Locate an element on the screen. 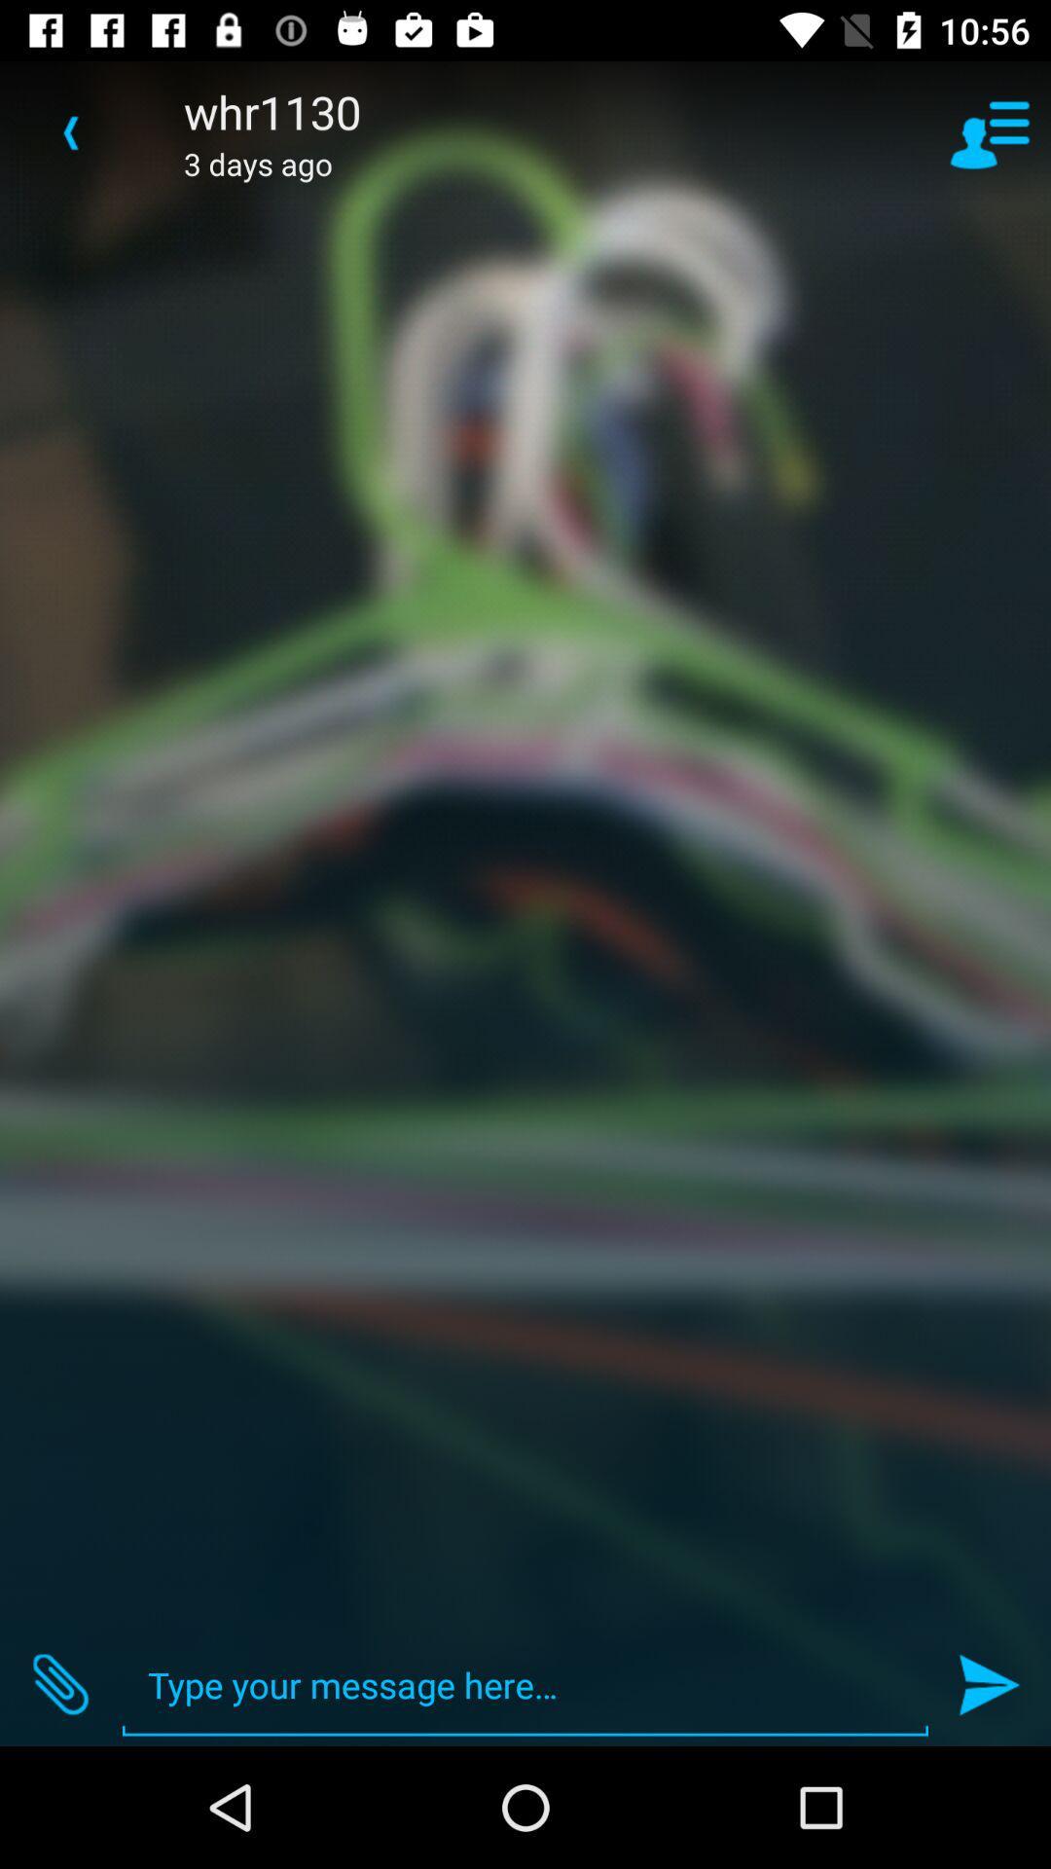 This screenshot has height=1869, width=1051. icon to the left of the whr1130 is located at coordinates (70, 131).